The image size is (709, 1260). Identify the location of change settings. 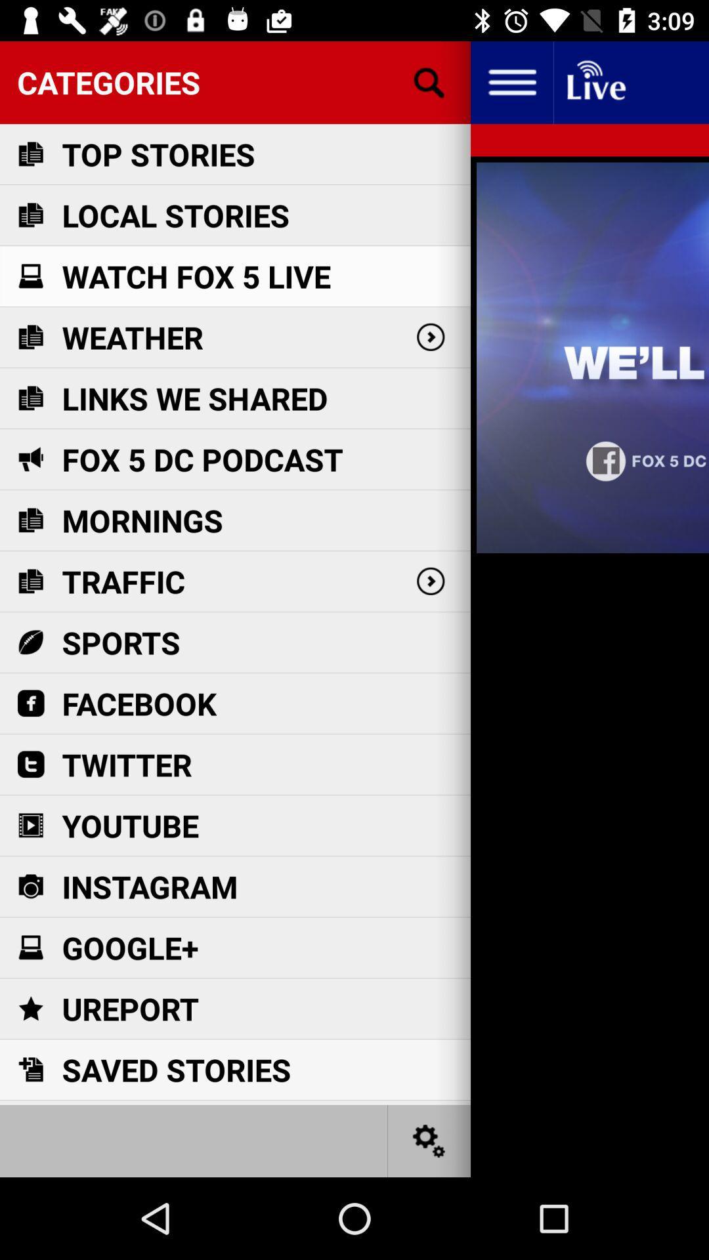
(429, 1140).